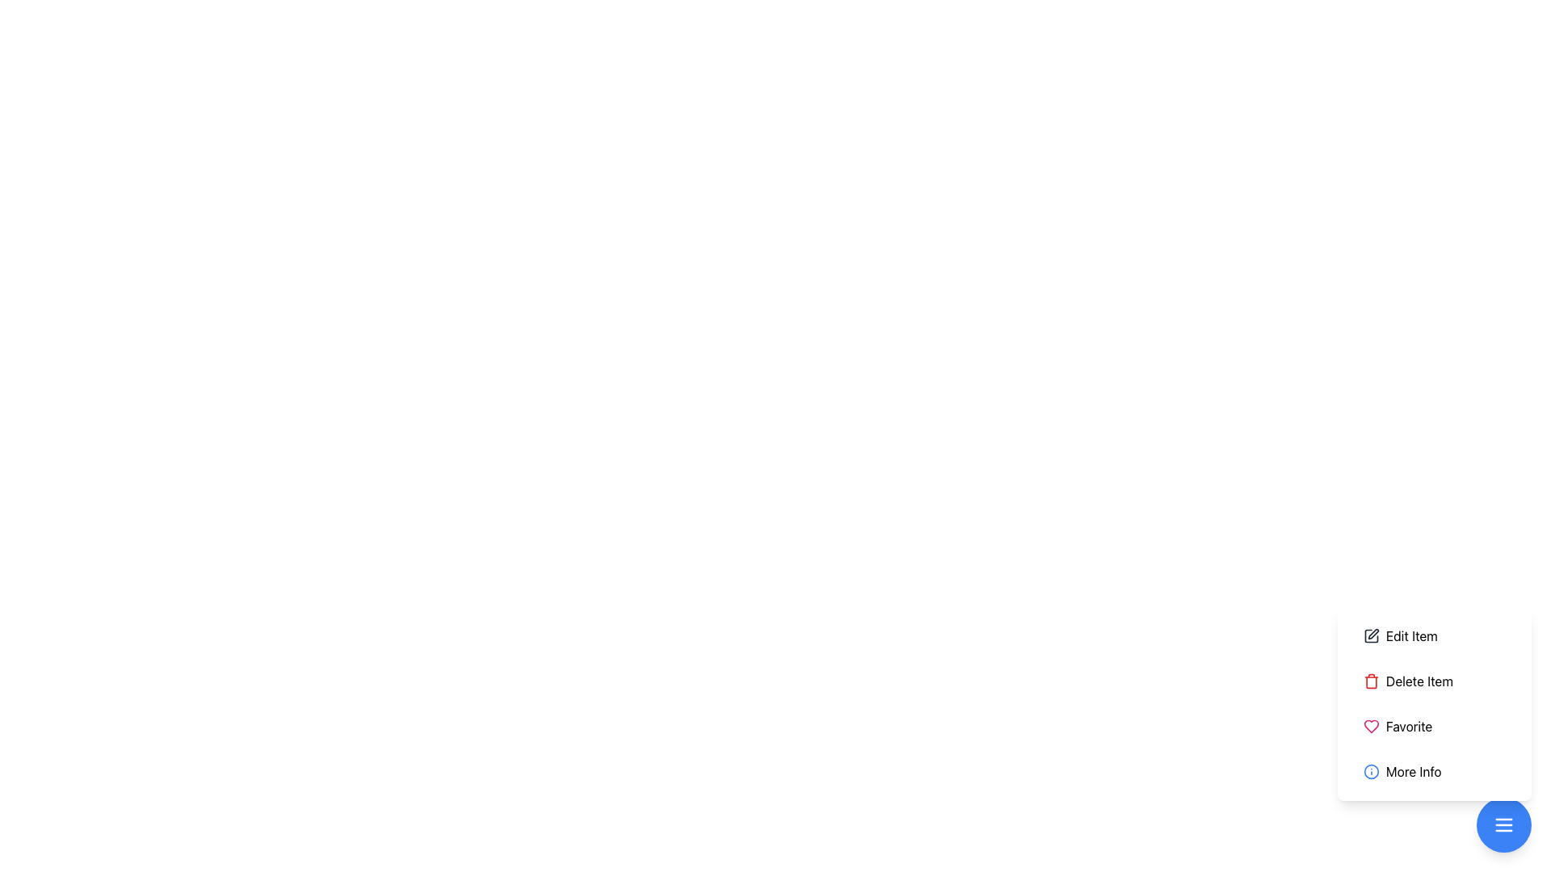 Image resolution: width=1551 pixels, height=872 pixels. I want to click on the 'Delete Item' text label, which is the second item in a vertical menu list, so click(1419, 681).